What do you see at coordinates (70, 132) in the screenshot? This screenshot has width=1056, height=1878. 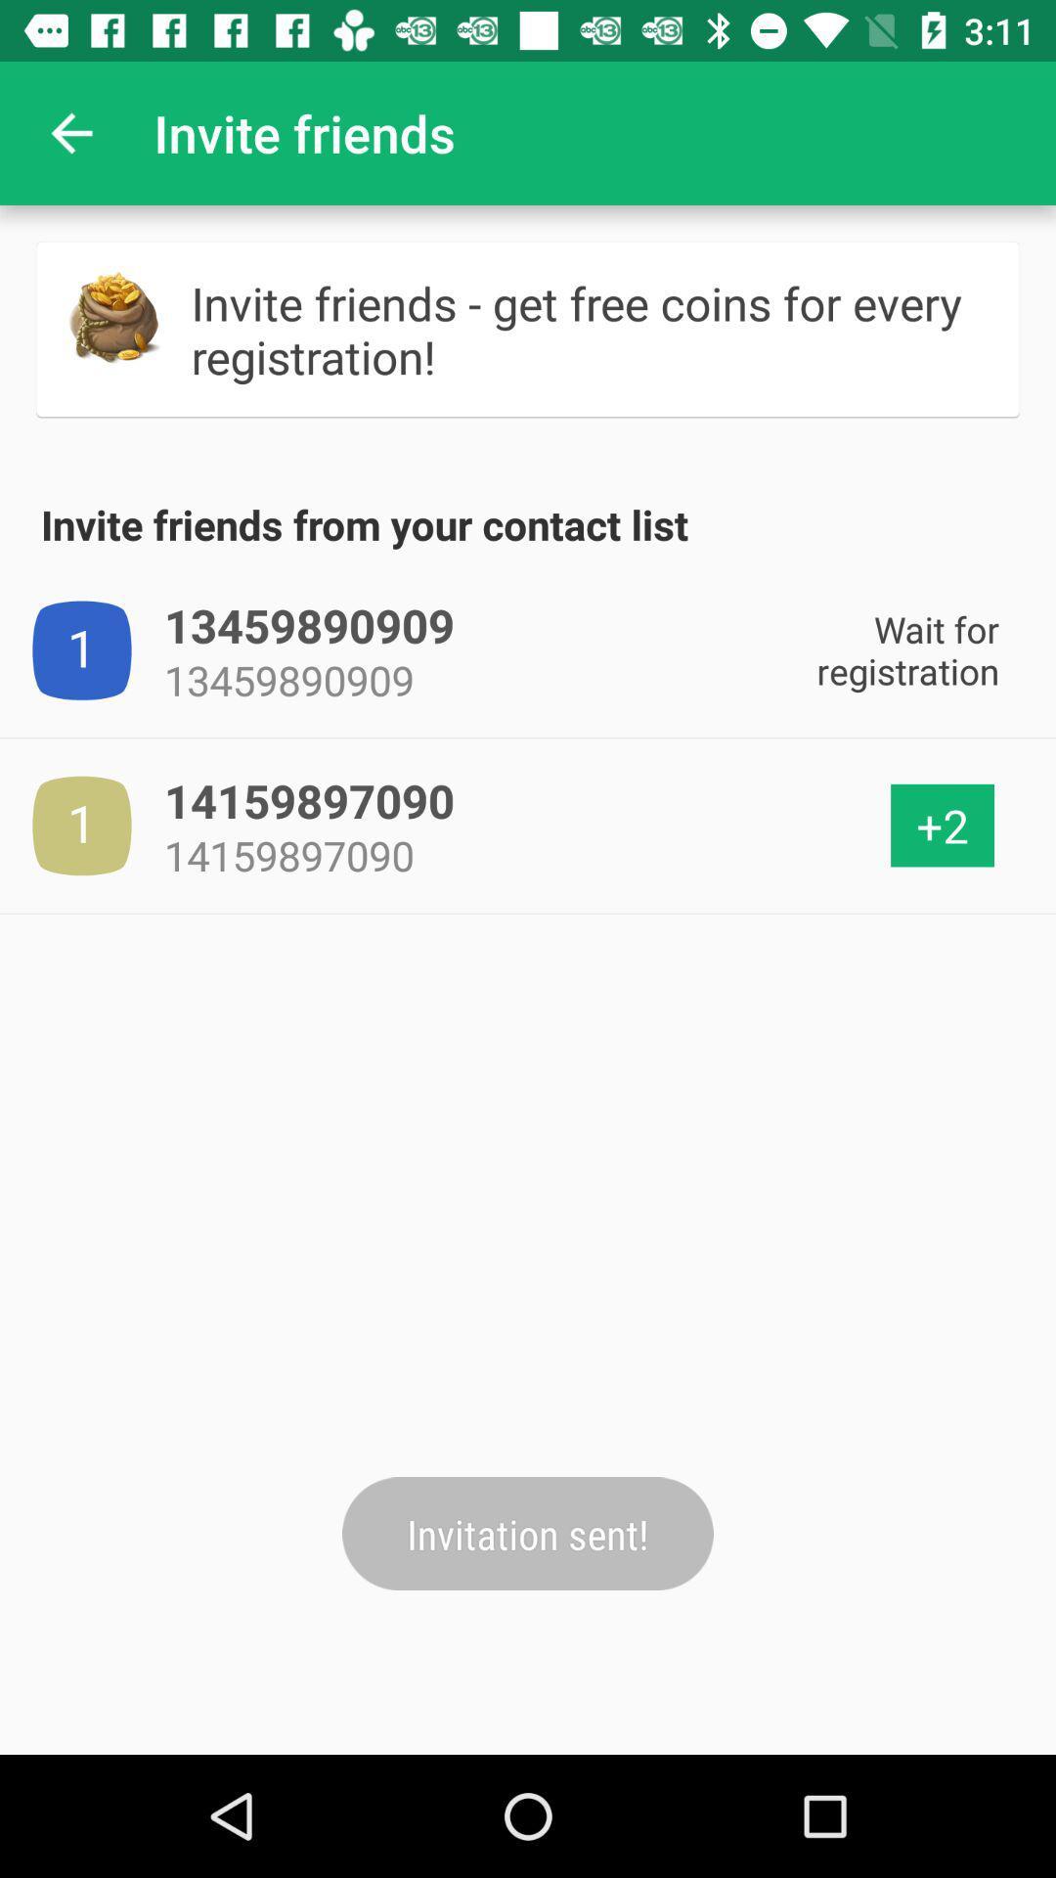 I see `the icon to the left of invite friends` at bounding box center [70, 132].